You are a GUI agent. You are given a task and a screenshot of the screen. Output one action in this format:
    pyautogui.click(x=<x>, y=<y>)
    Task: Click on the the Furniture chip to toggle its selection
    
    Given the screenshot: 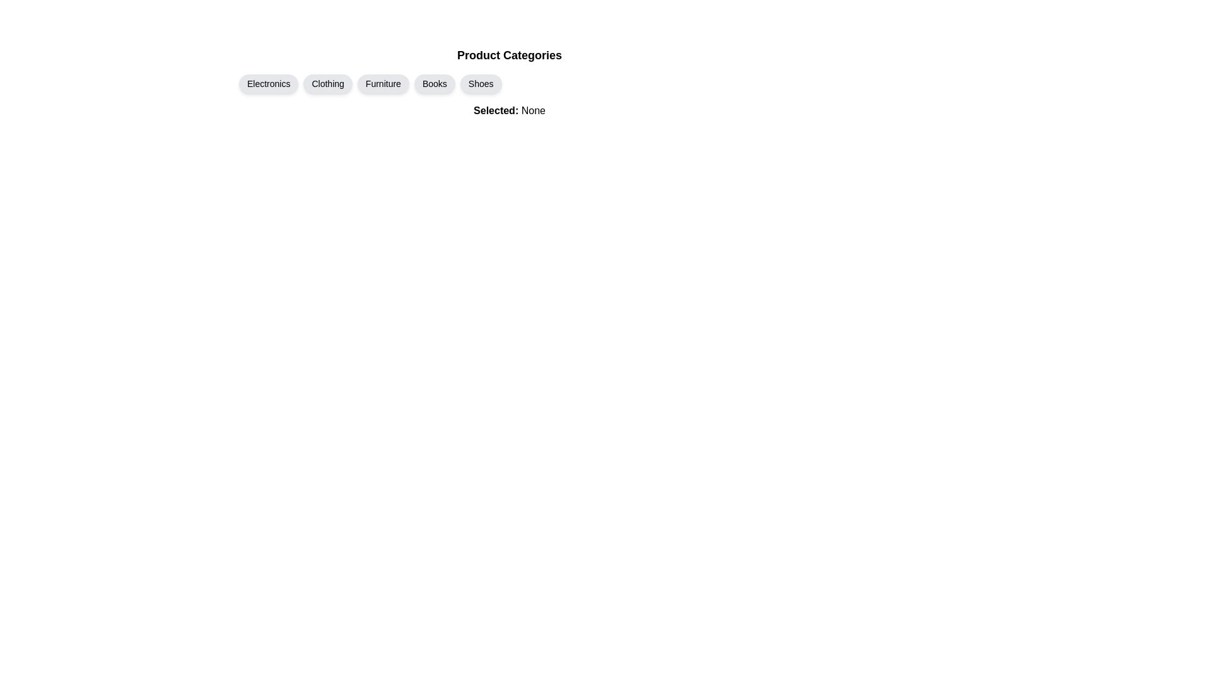 What is the action you would take?
    pyautogui.click(x=383, y=83)
    